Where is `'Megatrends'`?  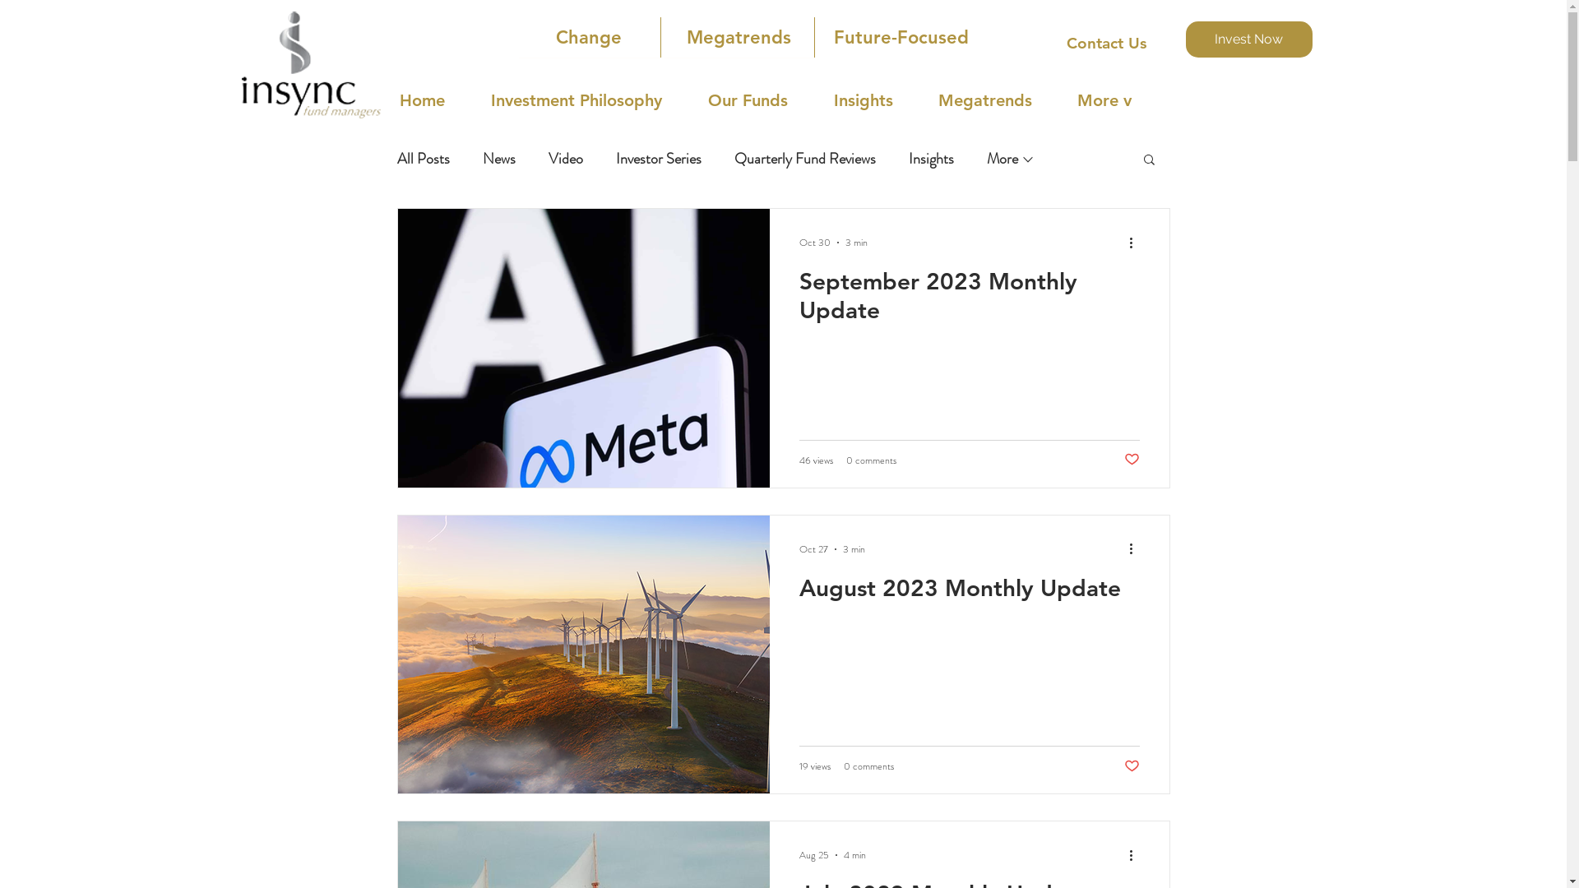 'Megatrends' is located at coordinates (737, 37).